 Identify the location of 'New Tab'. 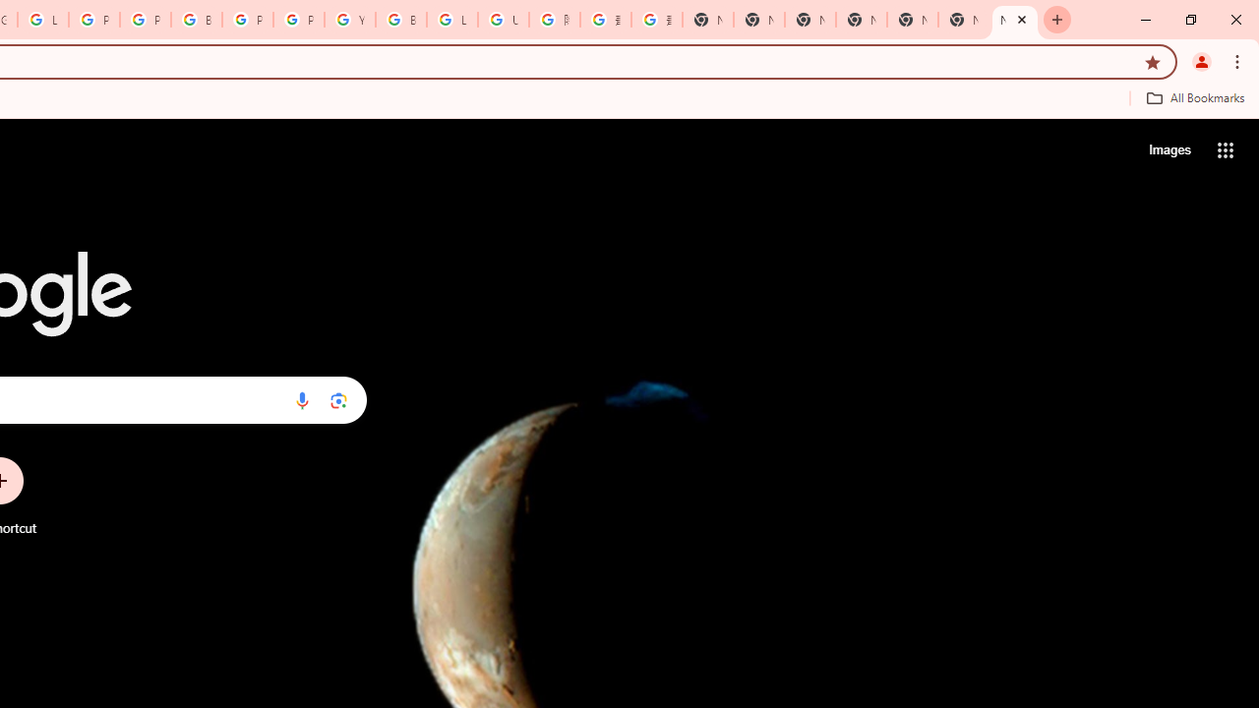
(1015, 20).